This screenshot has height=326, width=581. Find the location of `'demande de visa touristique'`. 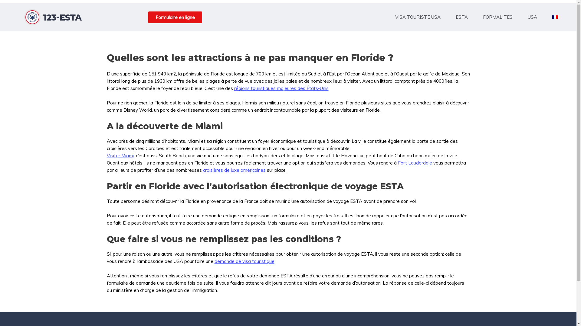

'demande de visa touristique' is located at coordinates (244, 261).